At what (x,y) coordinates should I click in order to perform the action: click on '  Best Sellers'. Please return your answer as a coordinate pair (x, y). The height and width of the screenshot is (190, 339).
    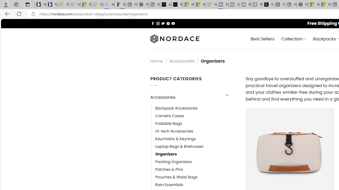
    Looking at the image, I should click on (262, 38).